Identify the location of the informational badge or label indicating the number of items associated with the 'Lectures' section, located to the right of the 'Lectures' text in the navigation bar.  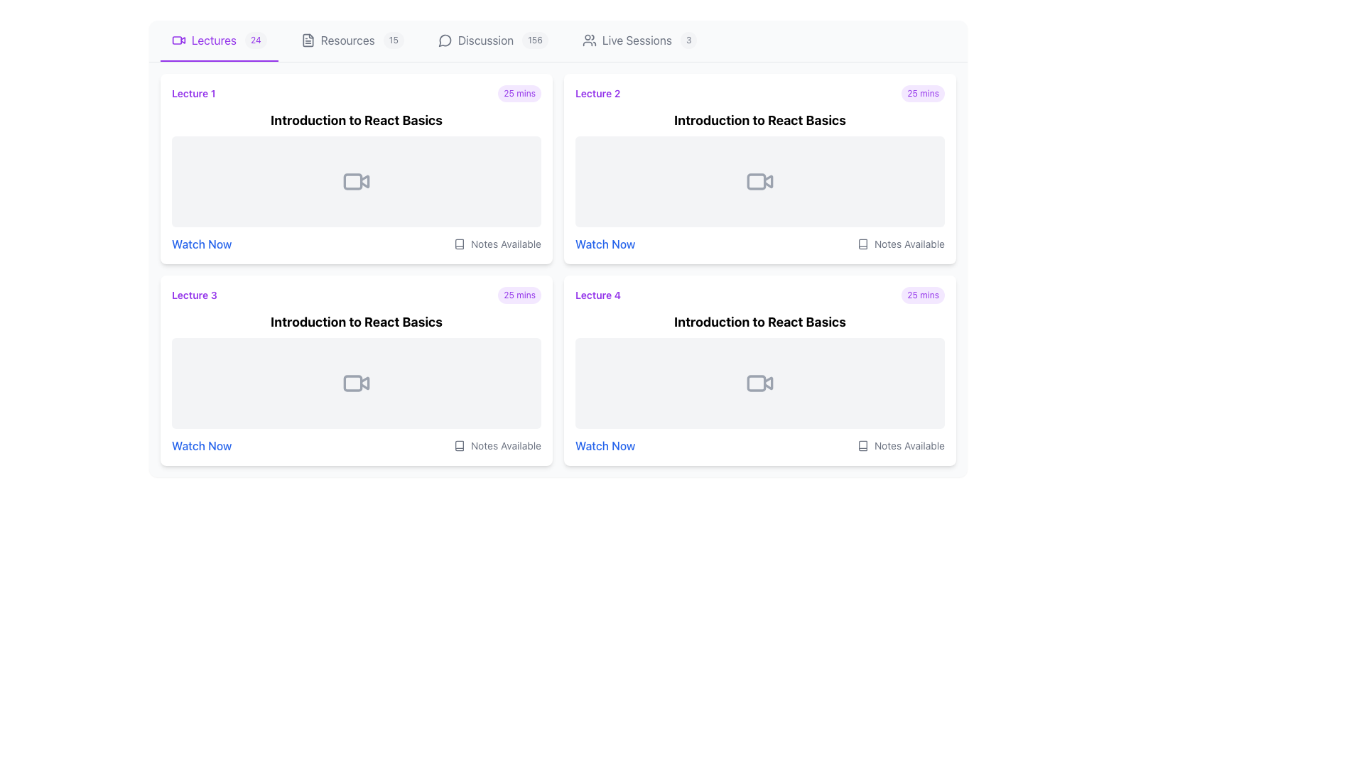
(256, 40).